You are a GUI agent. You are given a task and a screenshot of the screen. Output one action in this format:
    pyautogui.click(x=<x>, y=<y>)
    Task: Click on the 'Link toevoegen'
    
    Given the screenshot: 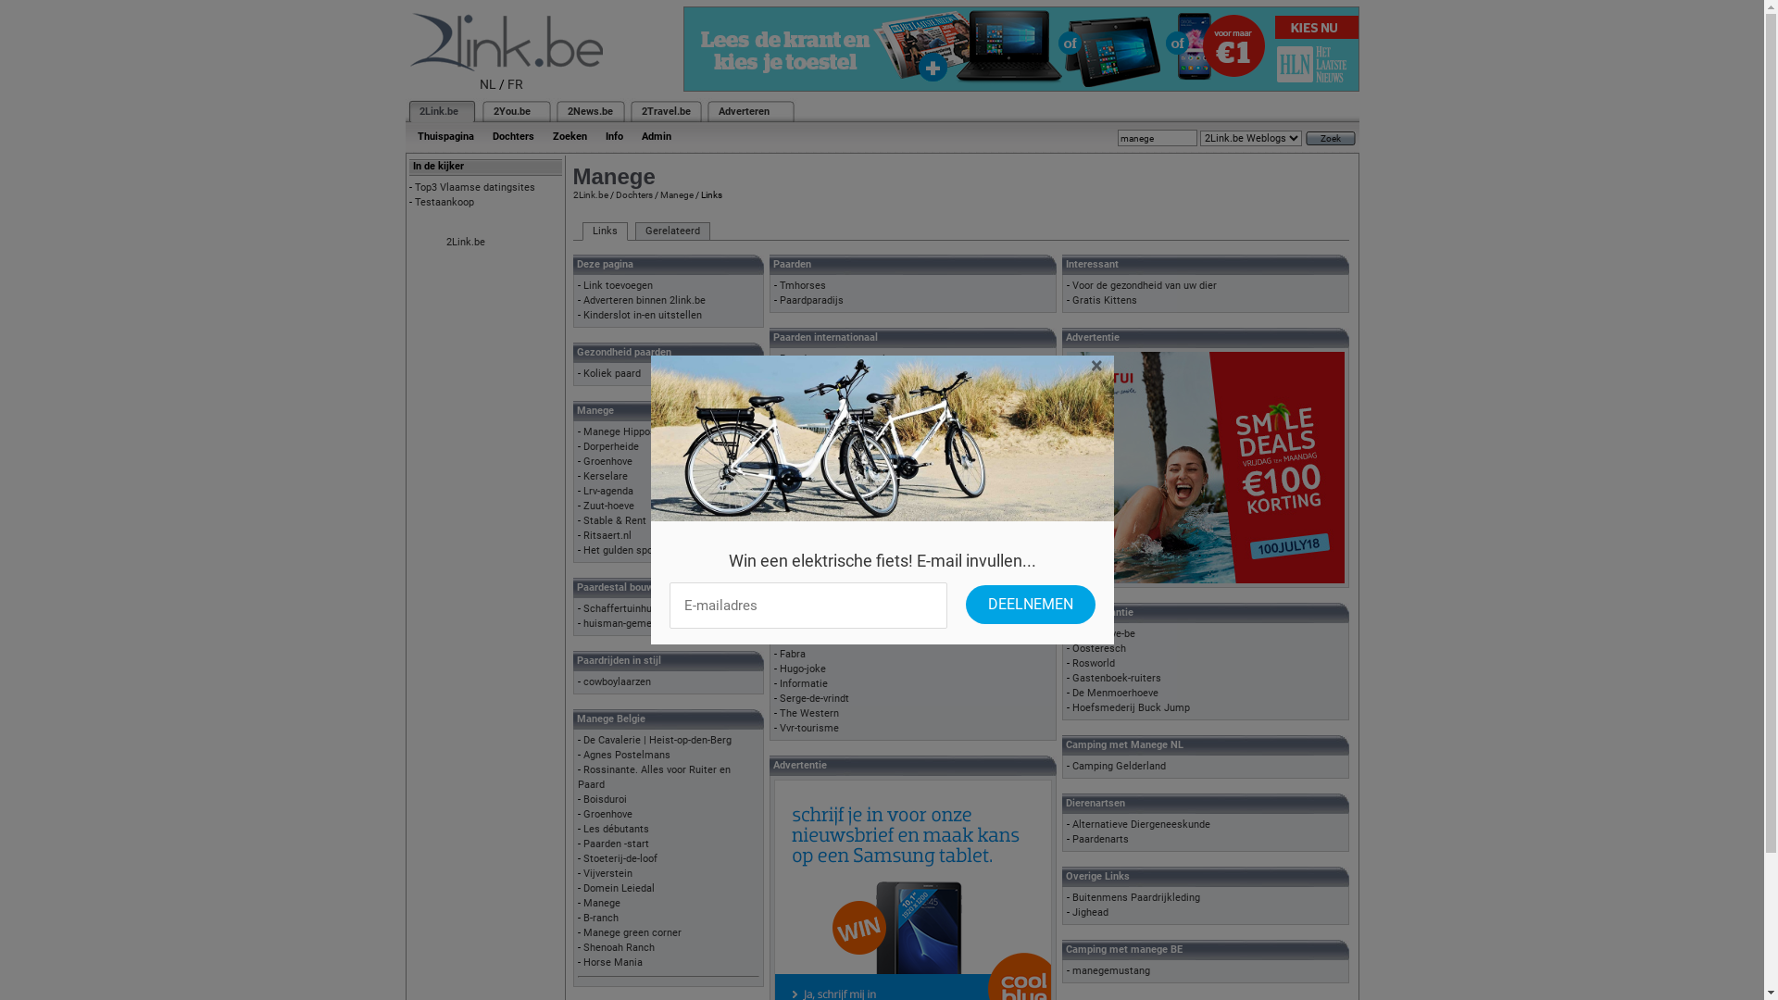 What is the action you would take?
    pyautogui.click(x=618, y=285)
    